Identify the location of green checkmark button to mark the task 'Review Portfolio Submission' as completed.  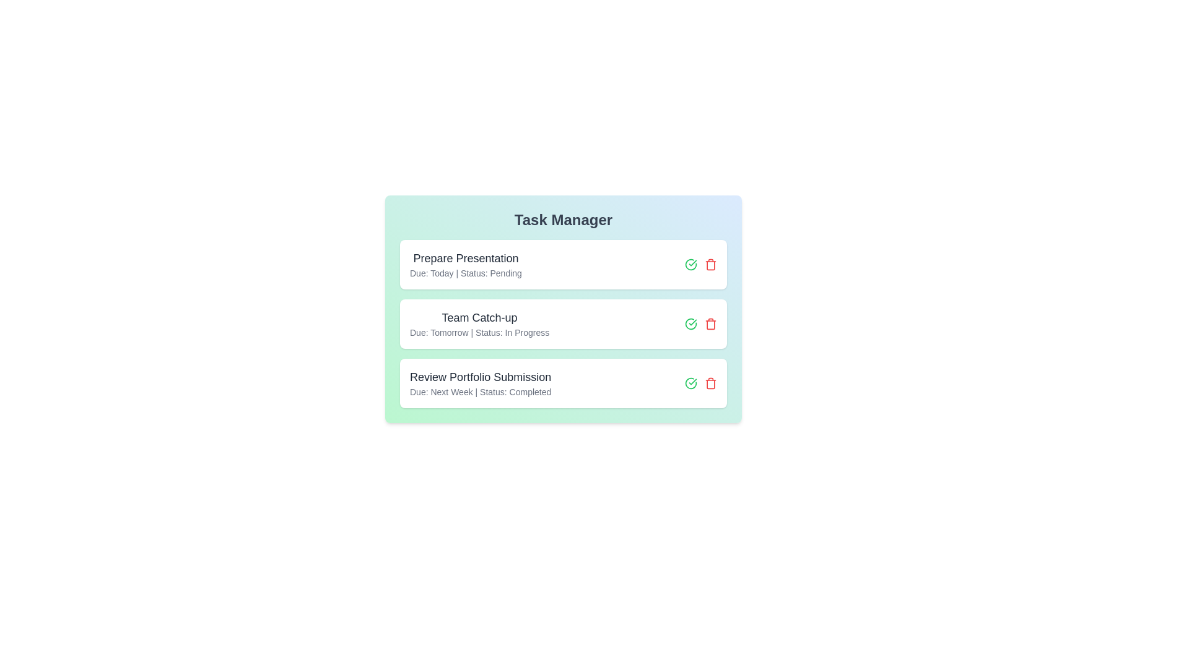
(690, 383).